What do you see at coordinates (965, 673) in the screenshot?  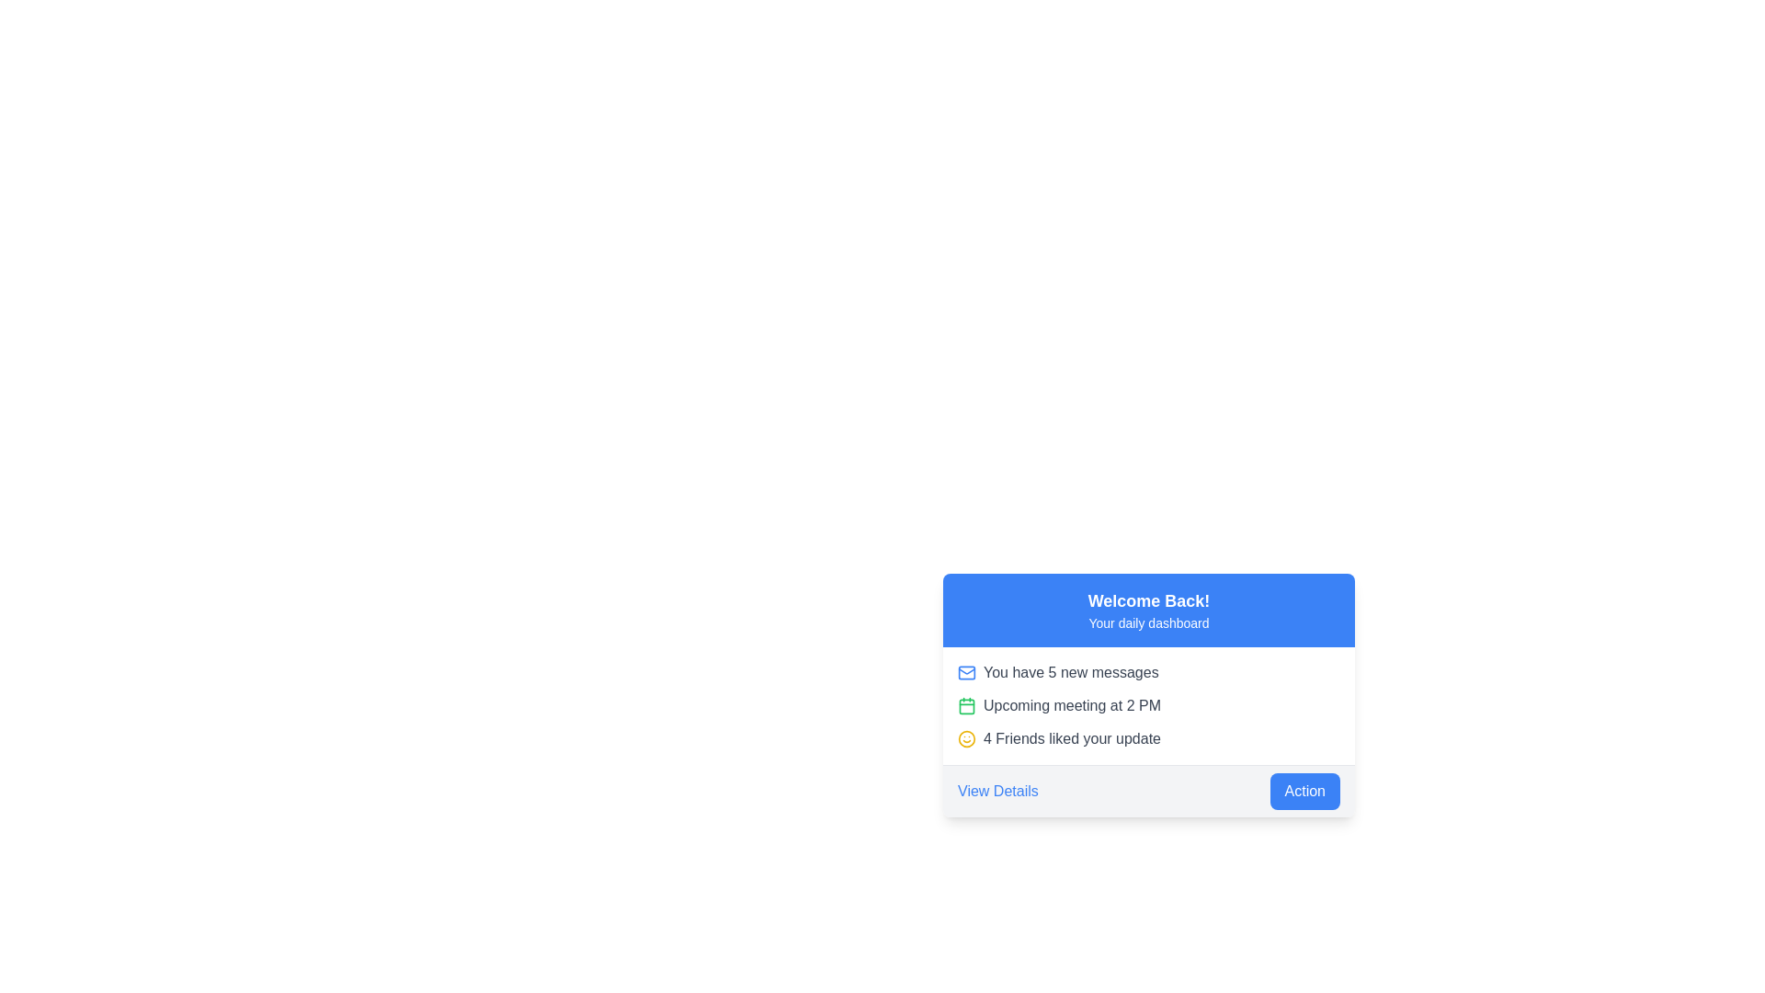 I see `the message indicator icon located within the 'Welcome Back! Your daily dashboard' card, to the left of 'You have 5 new messages.'` at bounding box center [965, 673].